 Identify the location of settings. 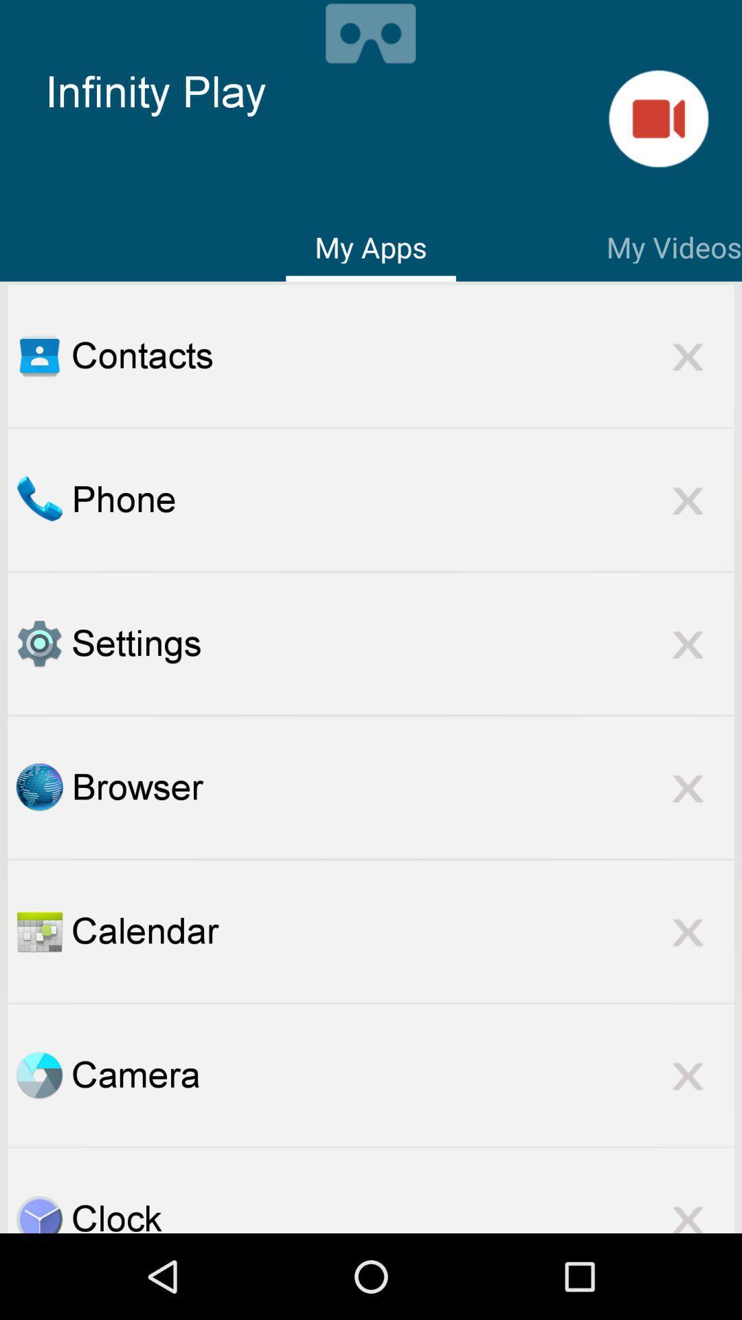
(38, 643).